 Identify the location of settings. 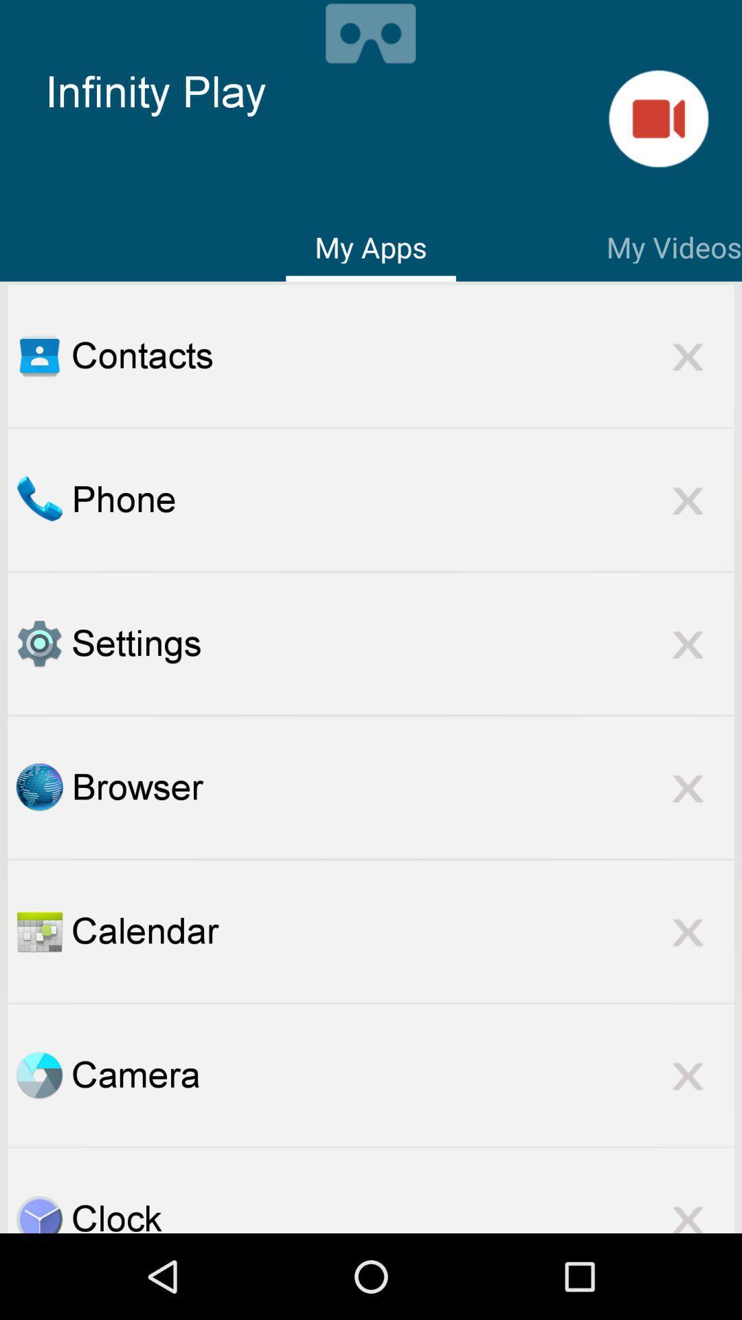
(38, 643).